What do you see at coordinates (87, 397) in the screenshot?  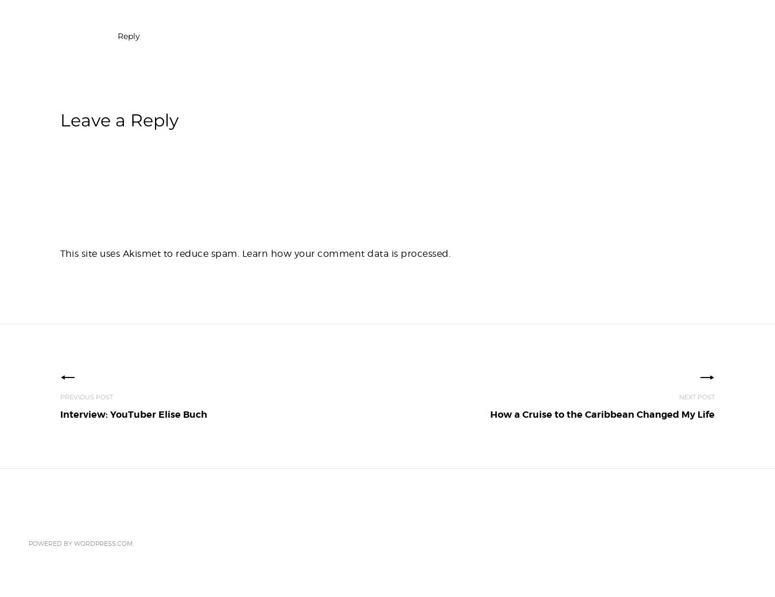 I see `'Previous Post'` at bounding box center [87, 397].